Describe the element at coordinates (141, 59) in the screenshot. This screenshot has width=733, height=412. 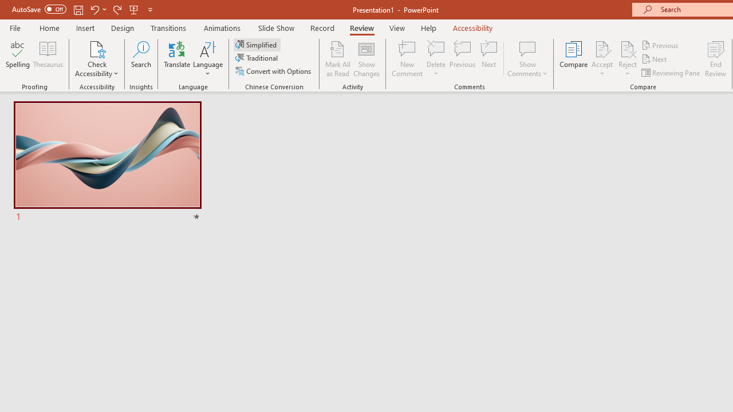
I see `'Search'` at that location.